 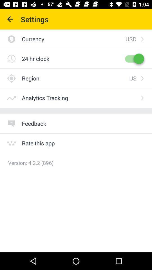 What do you see at coordinates (38, 143) in the screenshot?
I see `rate this app item` at bounding box center [38, 143].